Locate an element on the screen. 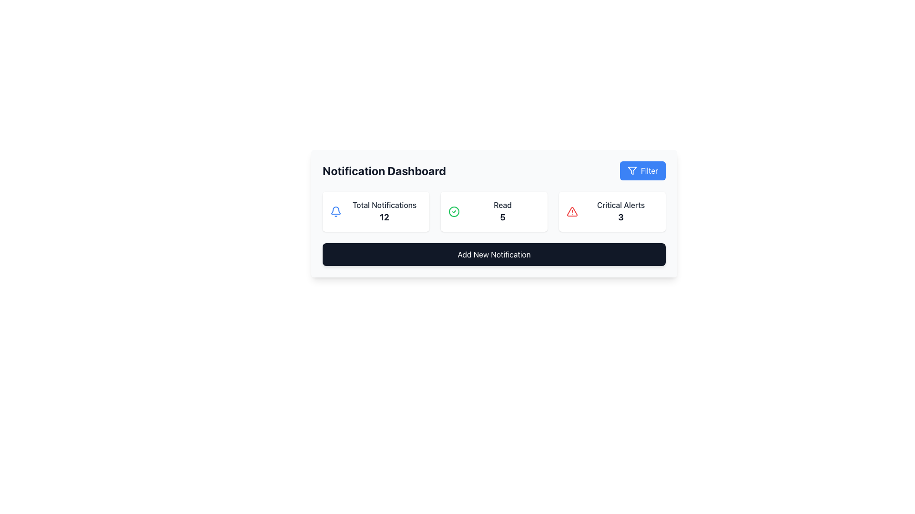 Image resolution: width=915 pixels, height=514 pixels. the triangular funnel-shaped graphical icon located inside the 'Filter' button to initiate filtering operations is located at coordinates (632, 170).